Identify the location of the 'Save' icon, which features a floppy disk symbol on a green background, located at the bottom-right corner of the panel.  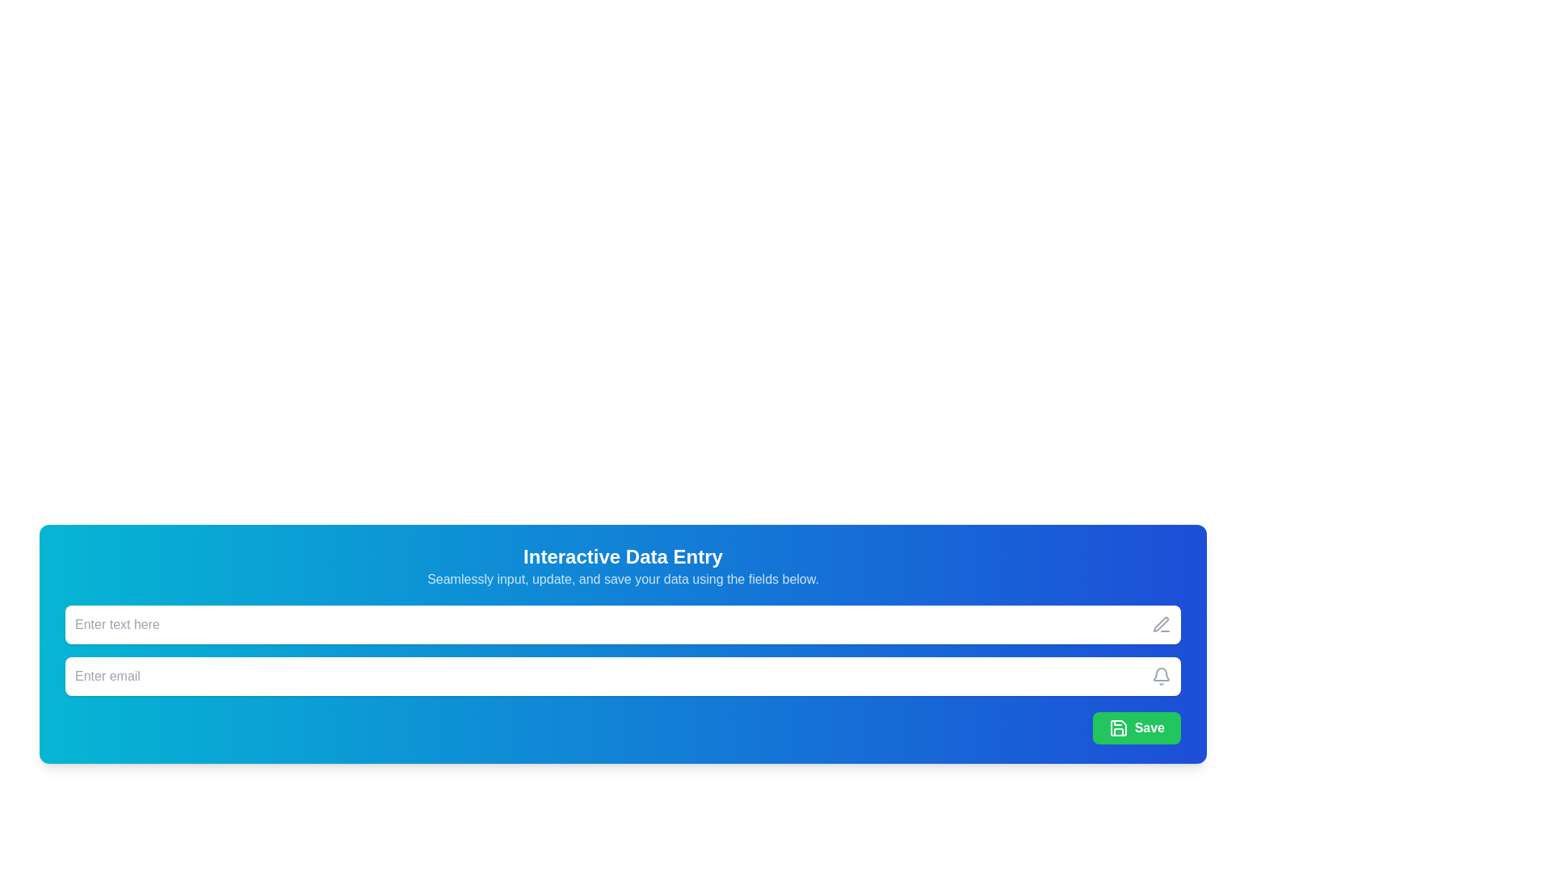
(1117, 728).